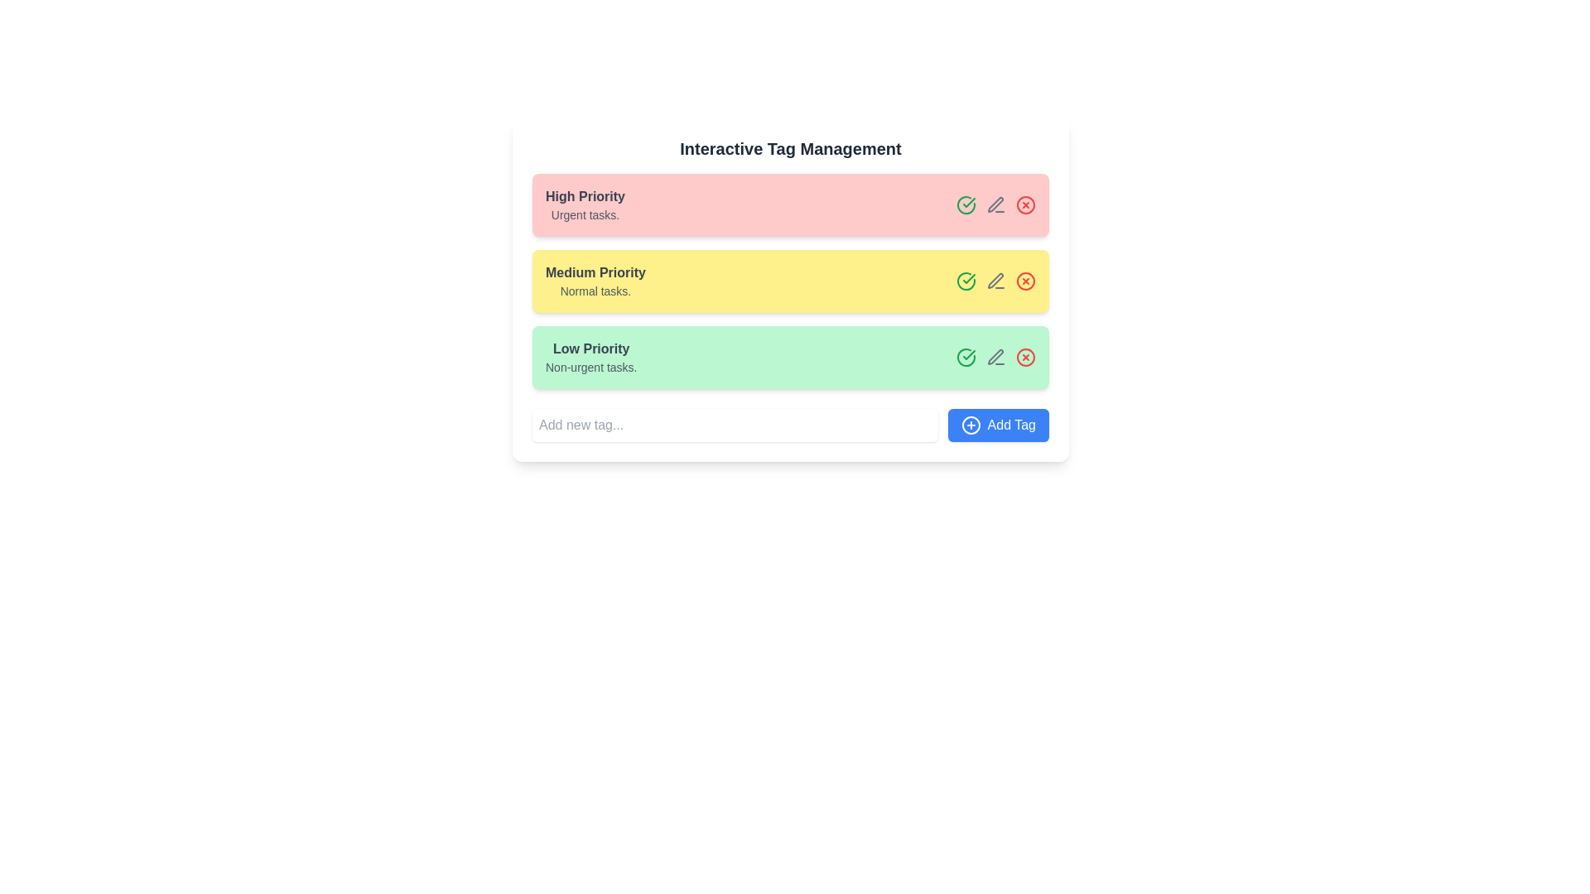  I want to click on the text label displaying 'Normal tasks.' which is styled in small gray font and located below the 'Medium Priority' text within a yellow background box, so click(595, 290).